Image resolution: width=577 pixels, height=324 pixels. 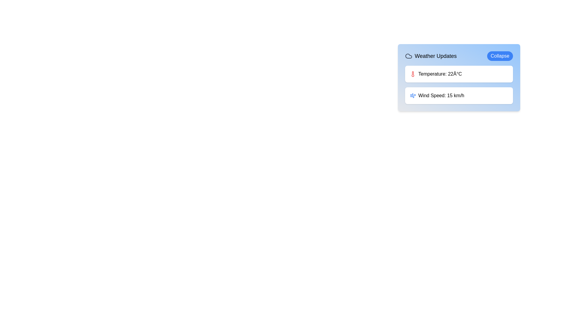 What do you see at coordinates (459, 73) in the screenshot?
I see `the informational card displaying the current temperature value in the 'Weather Updates' section` at bounding box center [459, 73].